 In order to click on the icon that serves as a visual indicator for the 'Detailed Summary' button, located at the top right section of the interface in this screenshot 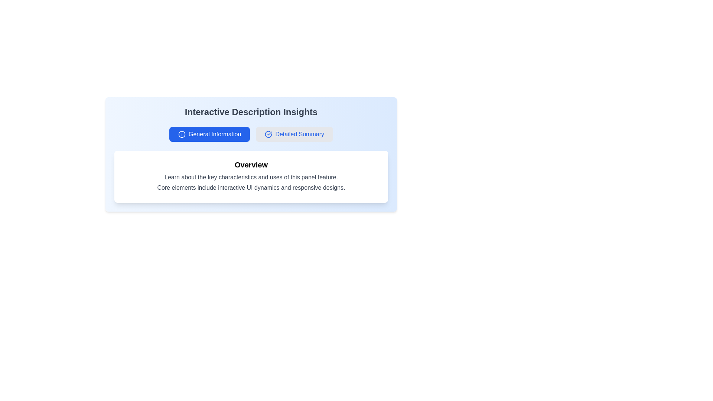, I will do `click(268, 134)`.